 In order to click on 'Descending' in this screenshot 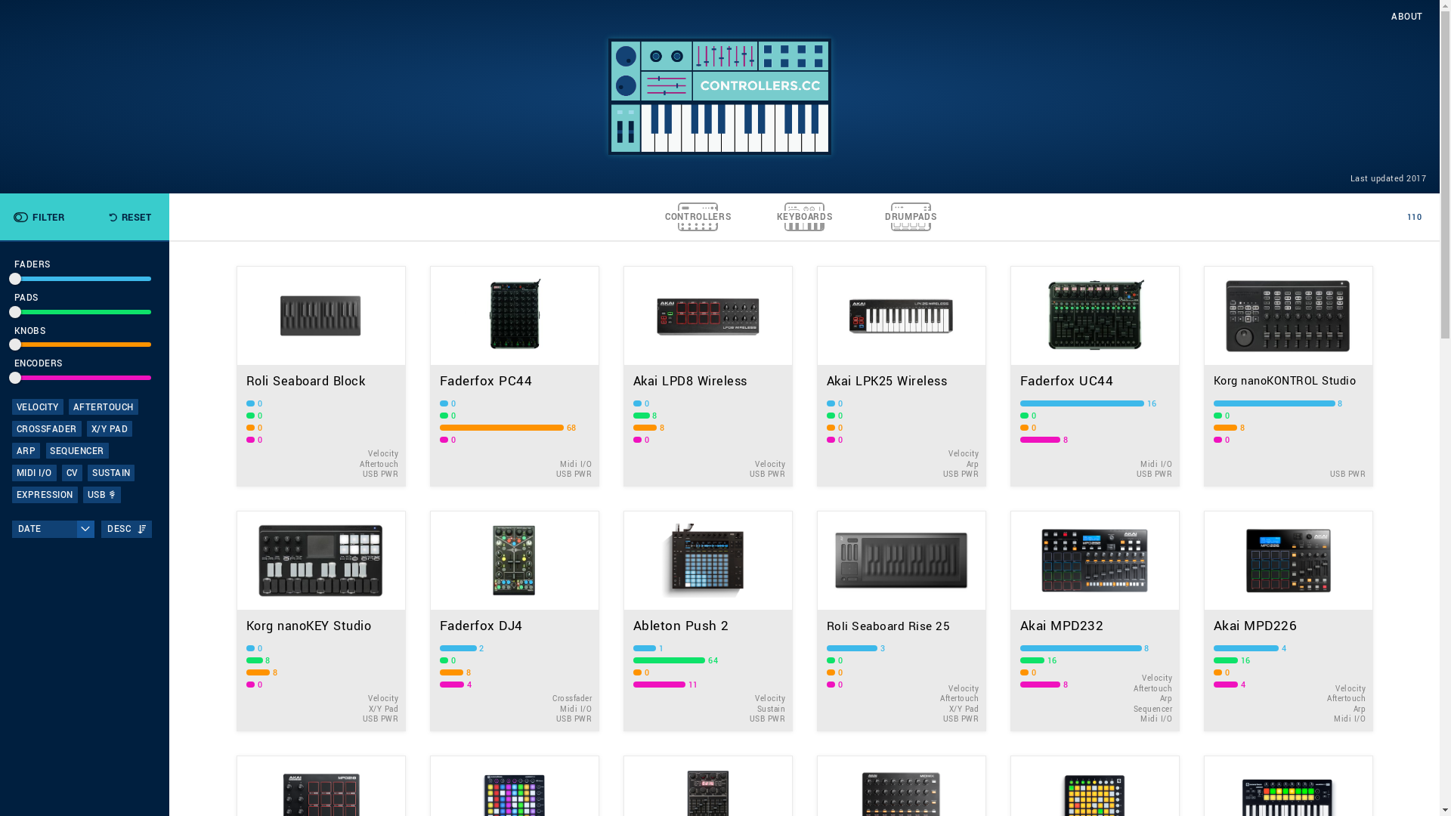, I will do `click(138, 528)`.